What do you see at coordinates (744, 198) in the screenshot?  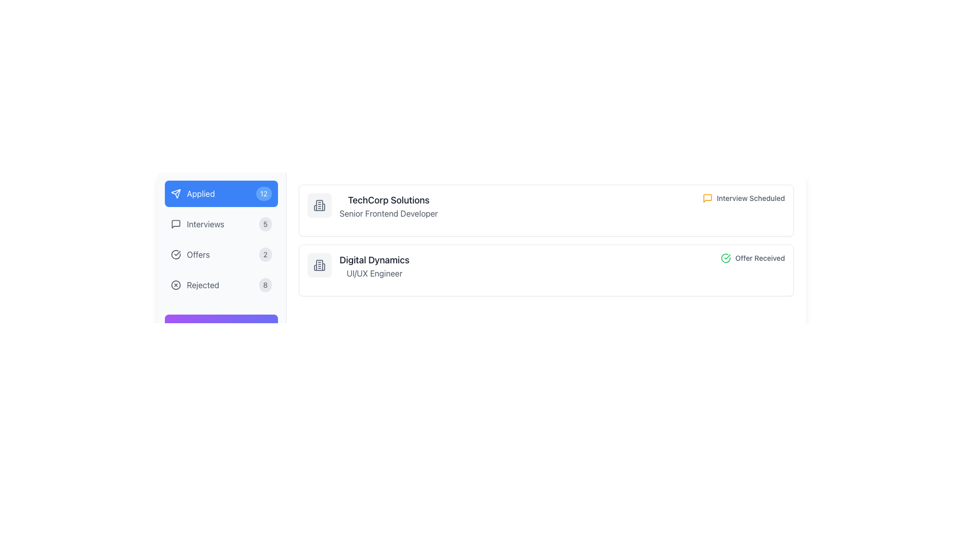 I see `the Status indicator, which is a speech bubble icon in amber color followed by the text 'Interview Scheduled' in medium gray, located at the top-right corner of the job listing for 'TechCorp Solutions Senior Frontend Developer'` at bounding box center [744, 198].